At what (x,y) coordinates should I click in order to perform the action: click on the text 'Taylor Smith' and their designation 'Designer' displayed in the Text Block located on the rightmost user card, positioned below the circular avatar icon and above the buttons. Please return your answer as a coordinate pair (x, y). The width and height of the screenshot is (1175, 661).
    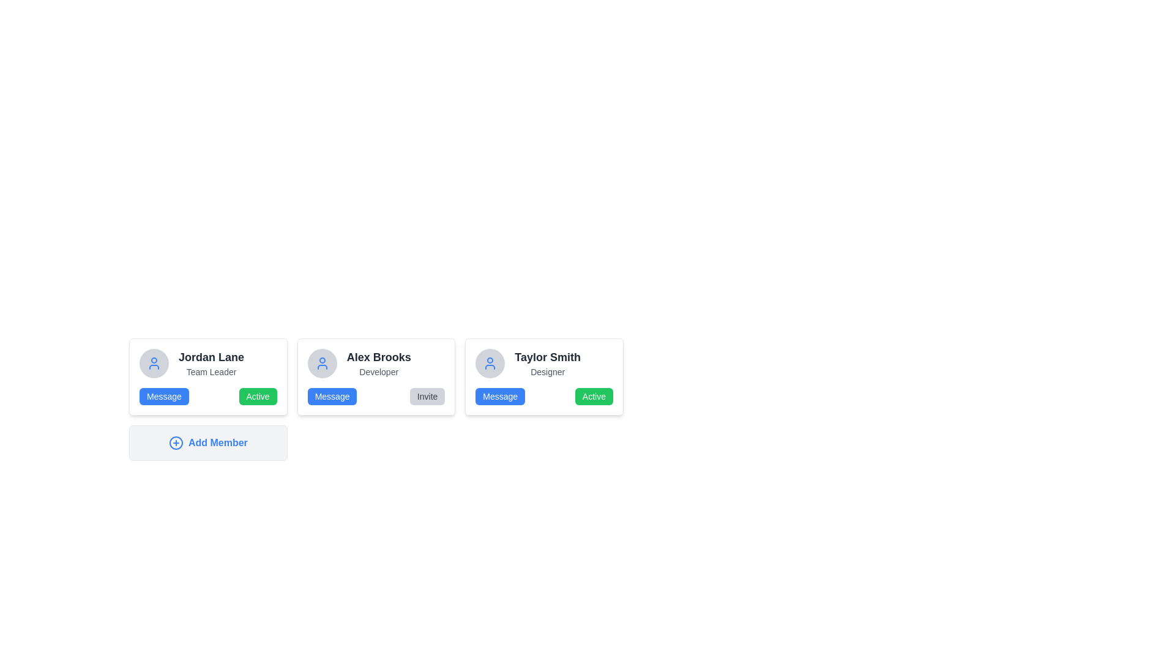
    Looking at the image, I should click on (546, 363).